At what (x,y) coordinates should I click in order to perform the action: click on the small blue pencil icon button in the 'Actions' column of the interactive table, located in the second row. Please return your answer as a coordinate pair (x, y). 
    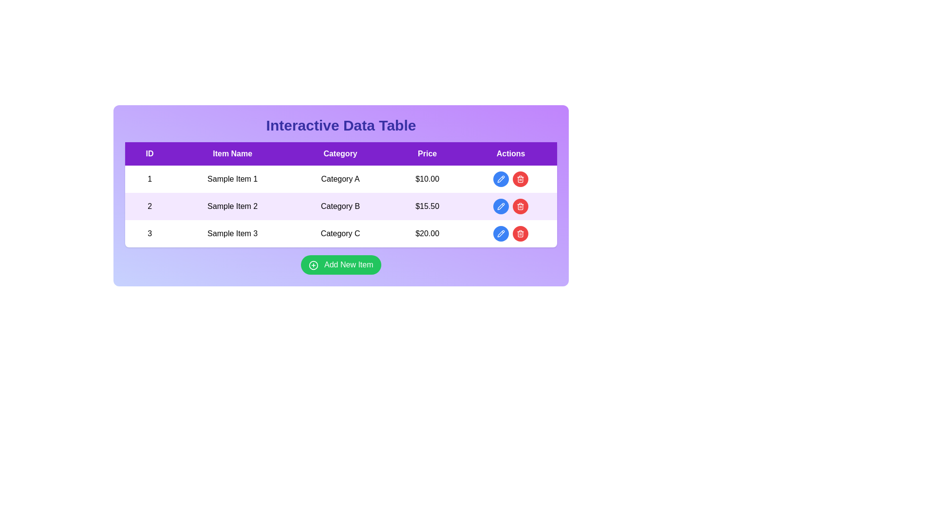
    Looking at the image, I should click on (501, 233).